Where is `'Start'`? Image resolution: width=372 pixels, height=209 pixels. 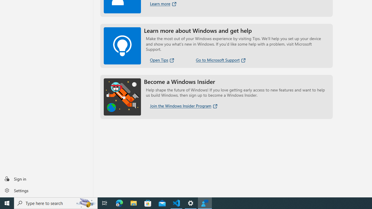 'Start' is located at coordinates (7, 203).